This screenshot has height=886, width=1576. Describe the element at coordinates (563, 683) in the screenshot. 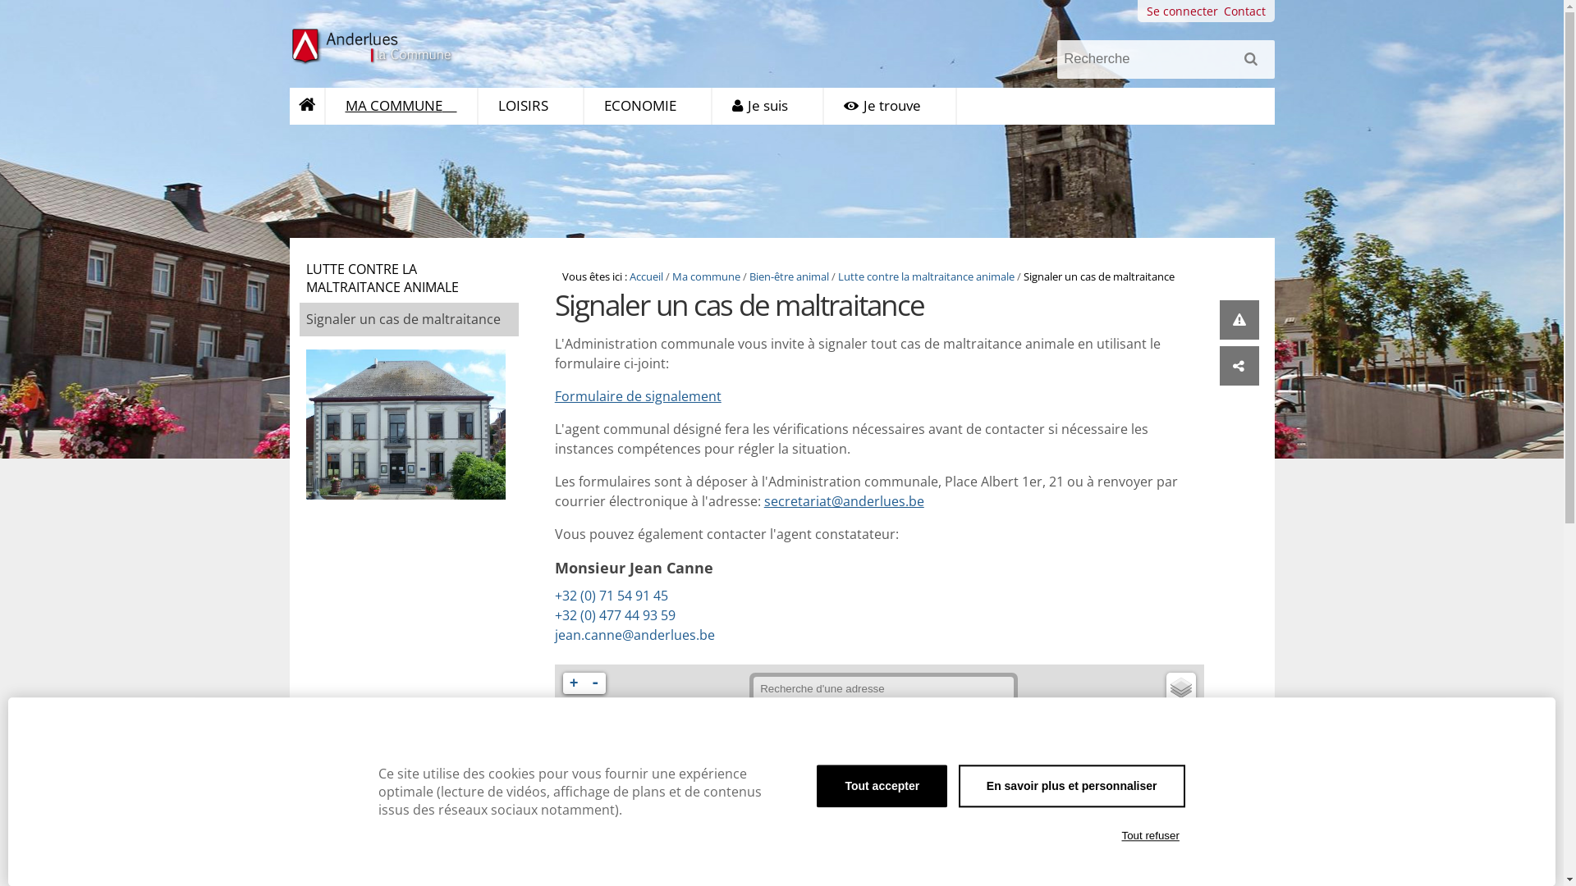

I see `'+'` at that location.